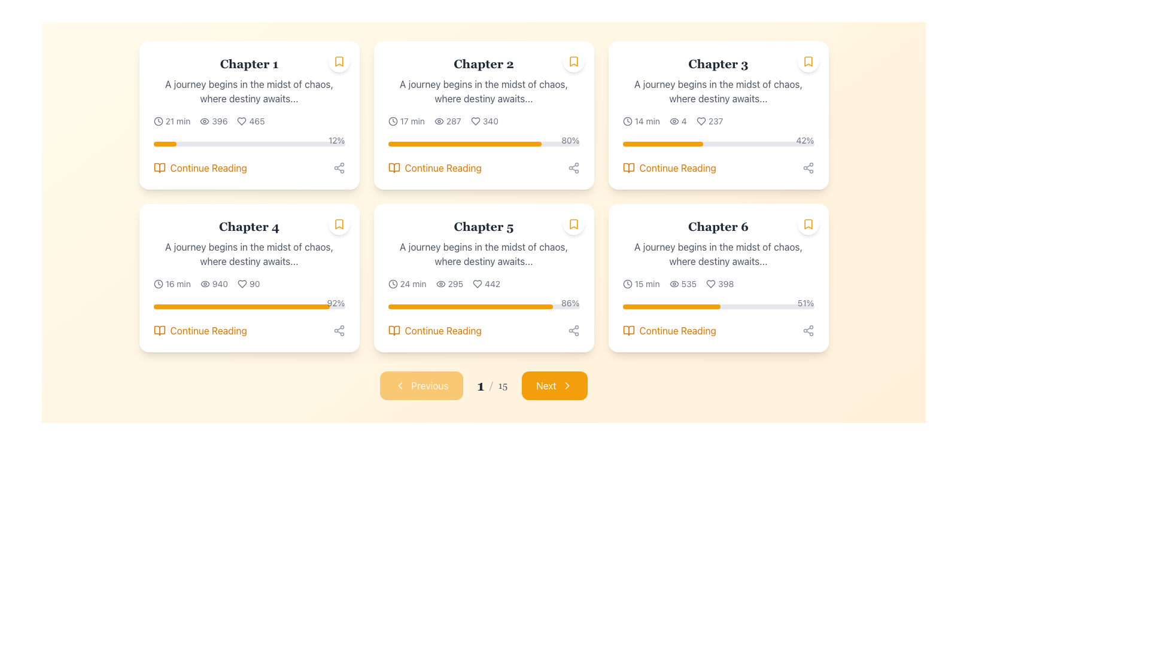 This screenshot has width=1149, height=646. What do you see at coordinates (627, 121) in the screenshot?
I see `the SVG-based visual icon representing time located in the top-right quadrant of the 'Chapter 3' card` at bounding box center [627, 121].